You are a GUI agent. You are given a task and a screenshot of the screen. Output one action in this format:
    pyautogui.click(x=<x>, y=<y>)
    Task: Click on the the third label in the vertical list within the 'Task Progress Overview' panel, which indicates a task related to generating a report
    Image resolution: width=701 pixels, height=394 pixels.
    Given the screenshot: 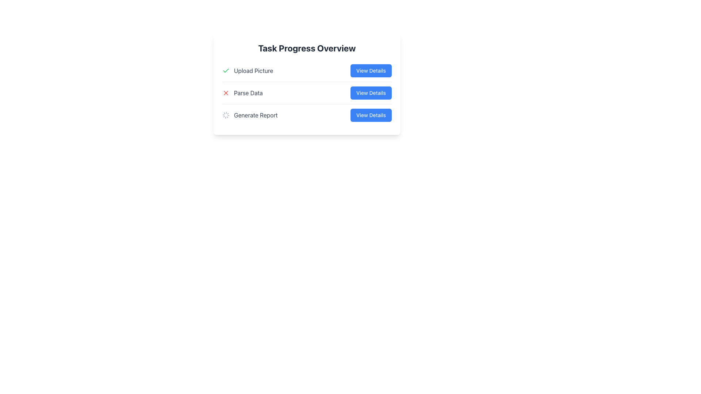 What is the action you would take?
    pyautogui.click(x=256, y=115)
    